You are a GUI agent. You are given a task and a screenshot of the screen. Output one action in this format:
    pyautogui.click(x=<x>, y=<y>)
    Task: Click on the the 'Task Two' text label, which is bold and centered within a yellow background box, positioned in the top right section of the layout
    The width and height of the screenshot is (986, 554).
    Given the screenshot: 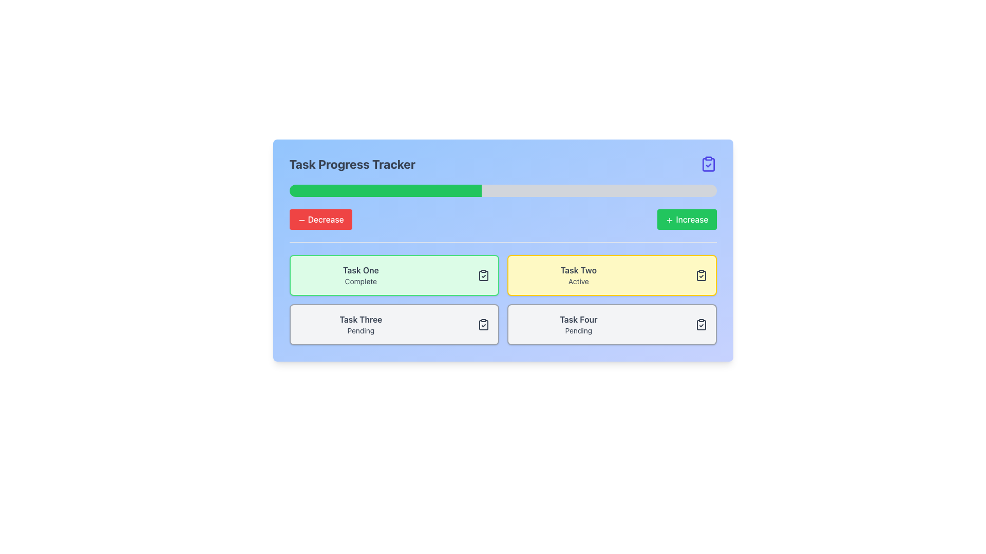 What is the action you would take?
    pyautogui.click(x=578, y=270)
    